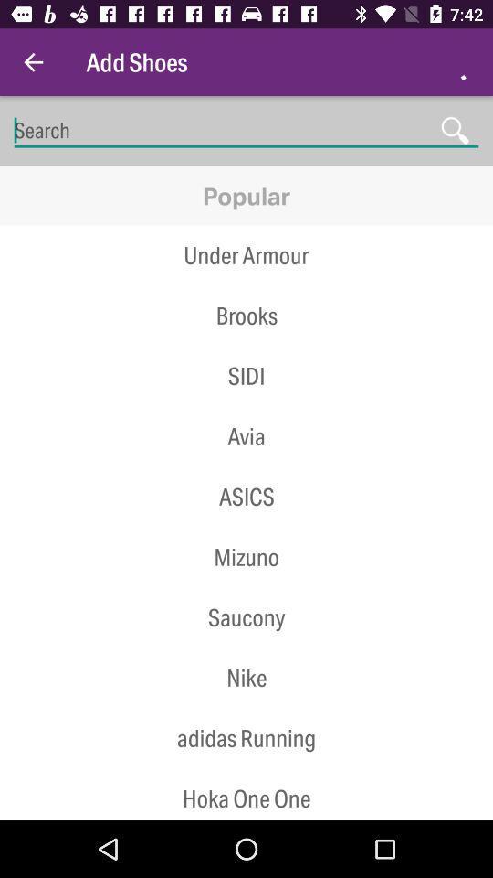 The height and width of the screenshot is (878, 493). What do you see at coordinates (246, 648) in the screenshot?
I see `the item below the saucony icon` at bounding box center [246, 648].